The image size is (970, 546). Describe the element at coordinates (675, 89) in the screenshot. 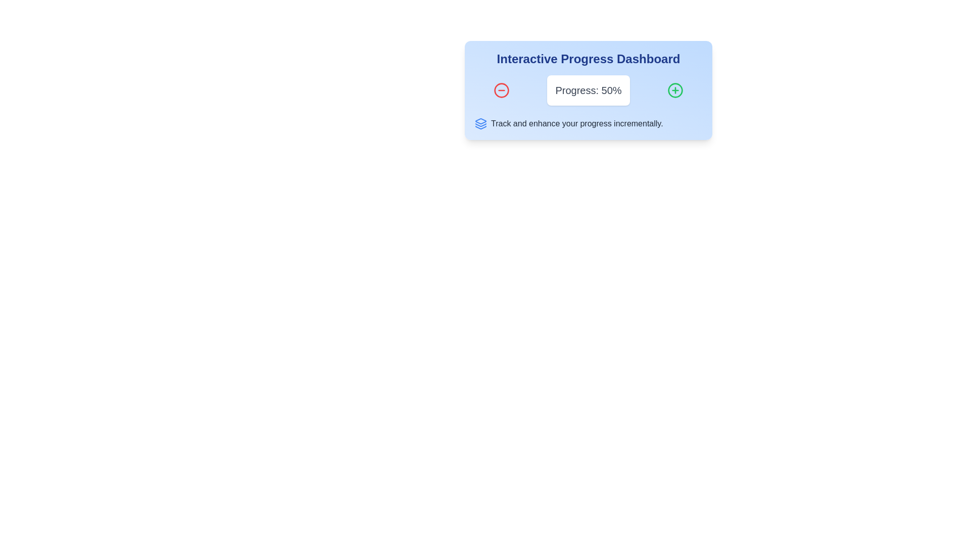

I see `the button for adding new items located in the top-right corner of the Interactive Progress Dashboard panel, next` at that location.